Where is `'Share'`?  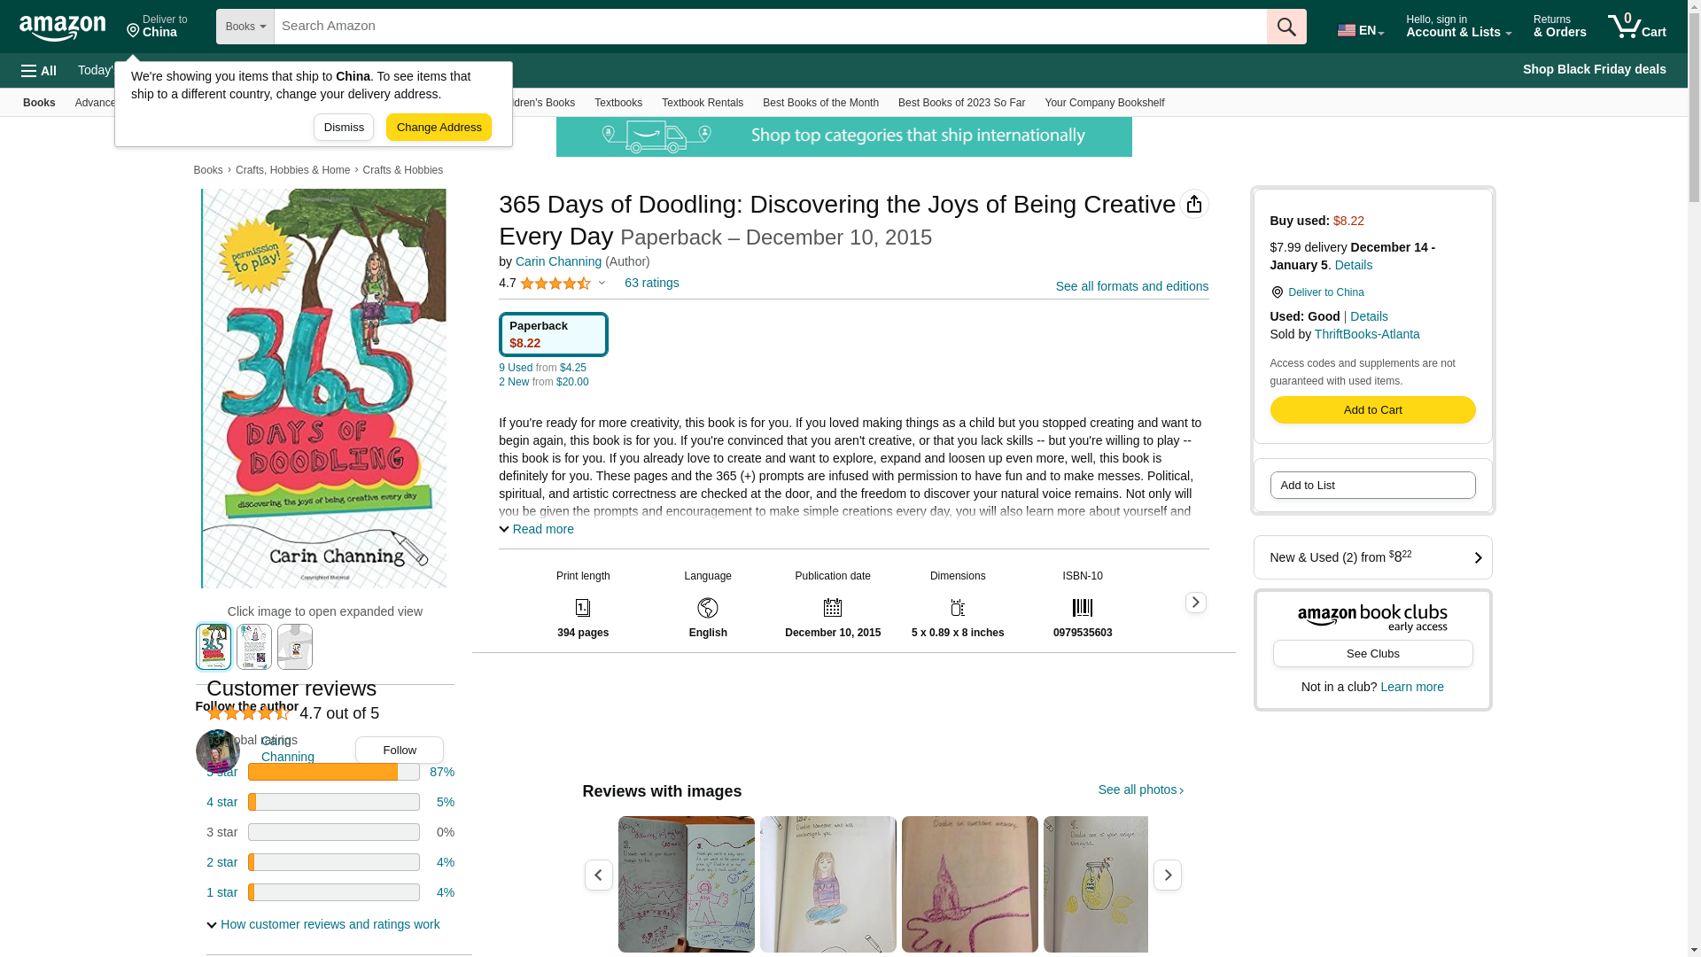
'Share' is located at coordinates (1194, 203).